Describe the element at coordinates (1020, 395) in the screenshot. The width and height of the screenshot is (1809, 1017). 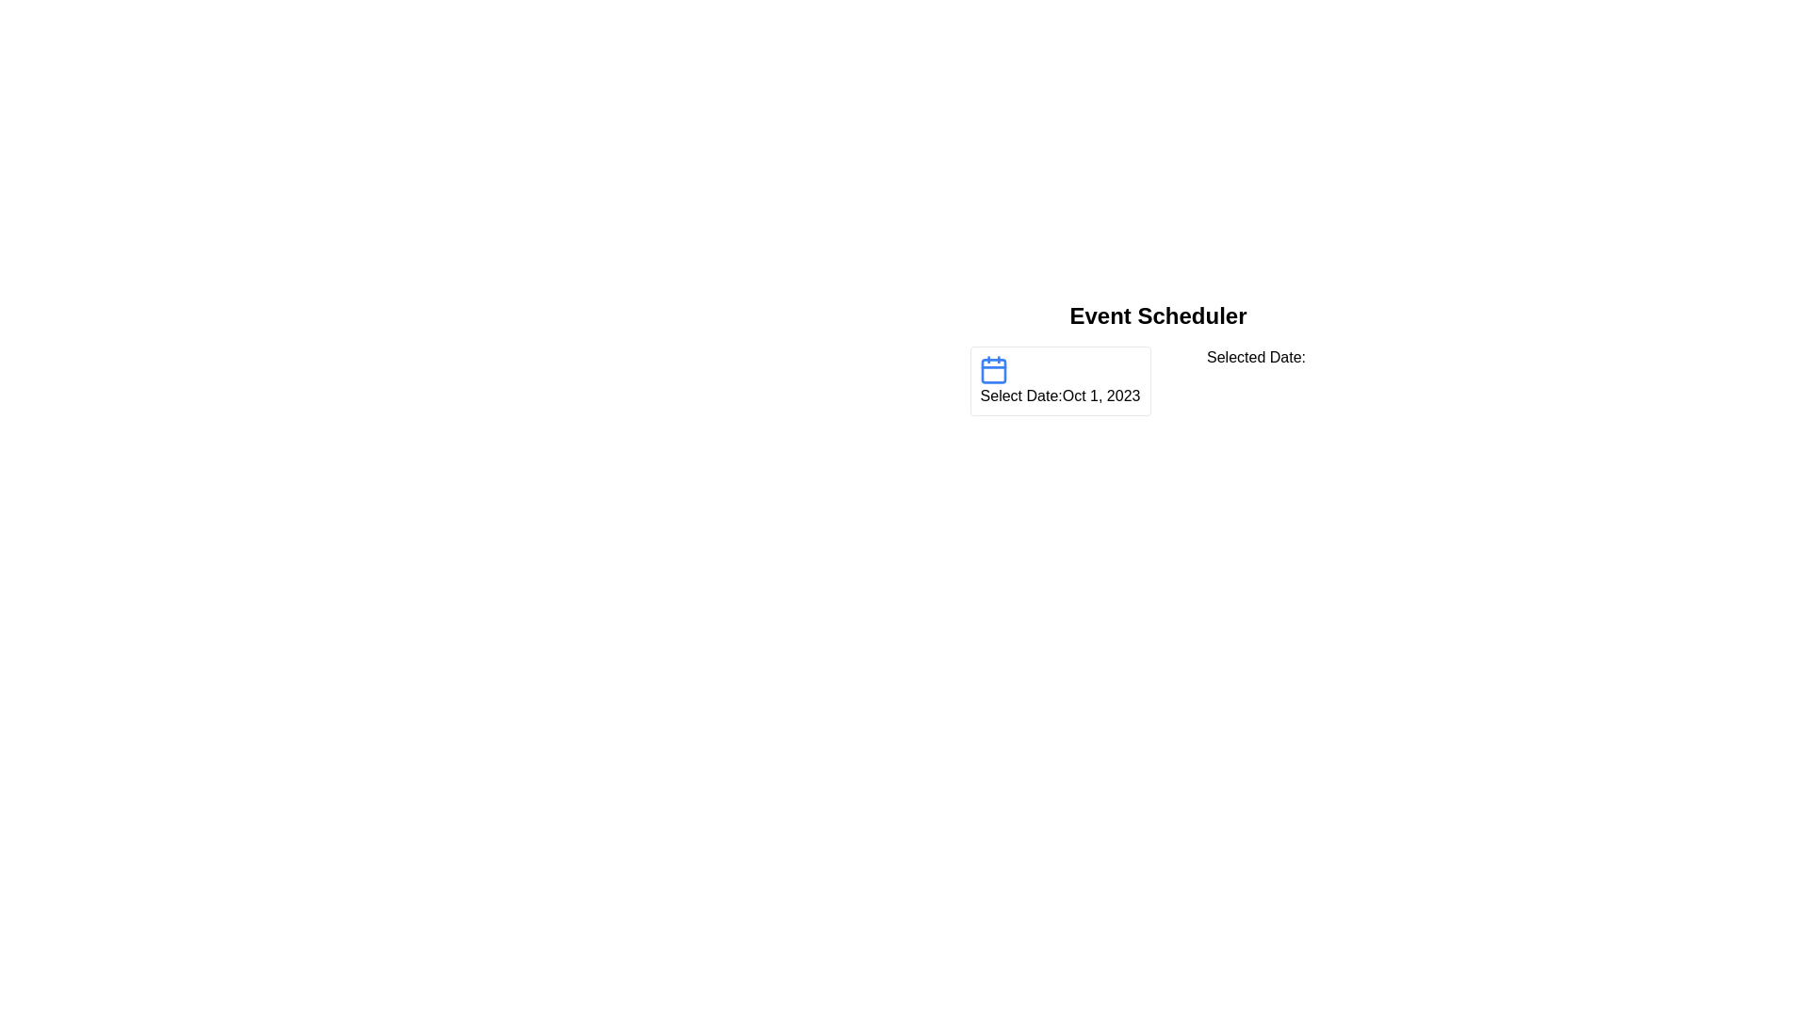
I see `the static text label that serves as a date picker indicator, located to the left of the date label and right of the blue calendar icon` at that location.